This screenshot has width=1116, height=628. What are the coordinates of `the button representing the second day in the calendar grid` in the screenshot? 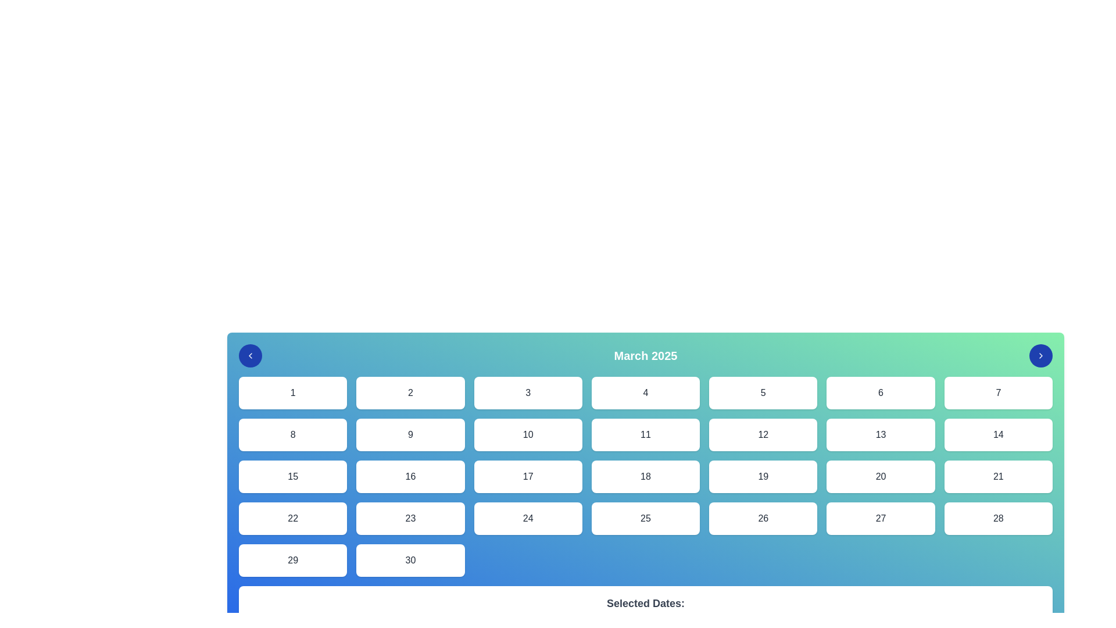 It's located at (410, 392).